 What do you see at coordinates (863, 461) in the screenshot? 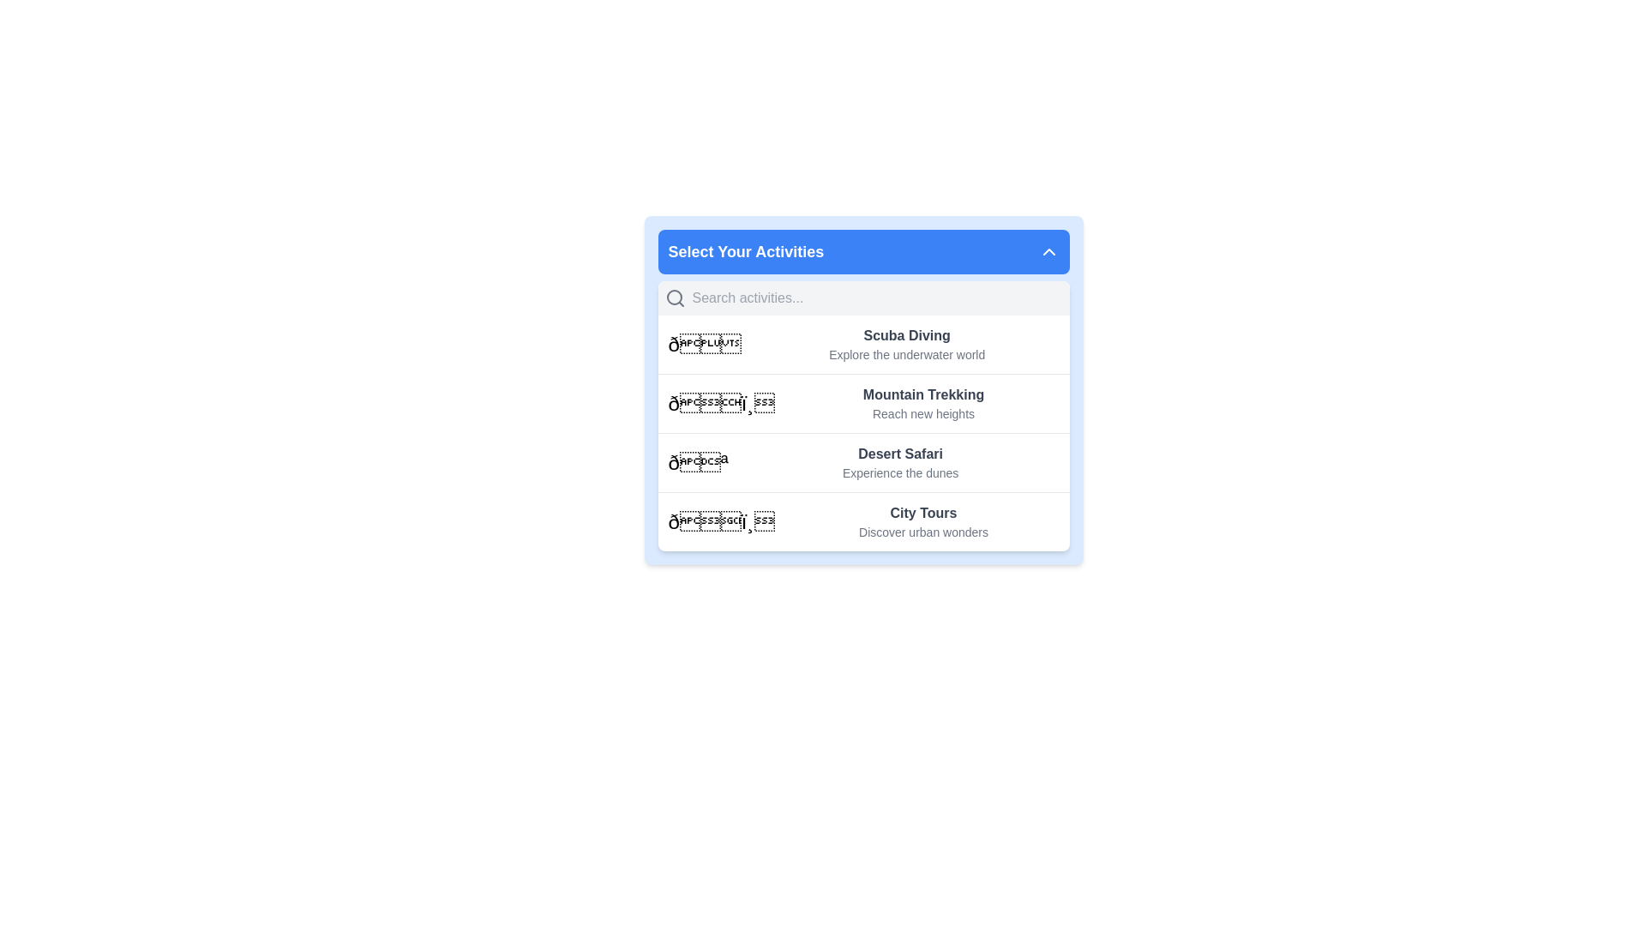
I see `the 'Desert Safari' option in the list, which is the third item in a vertical list of selectable activities` at bounding box center [863, 461].